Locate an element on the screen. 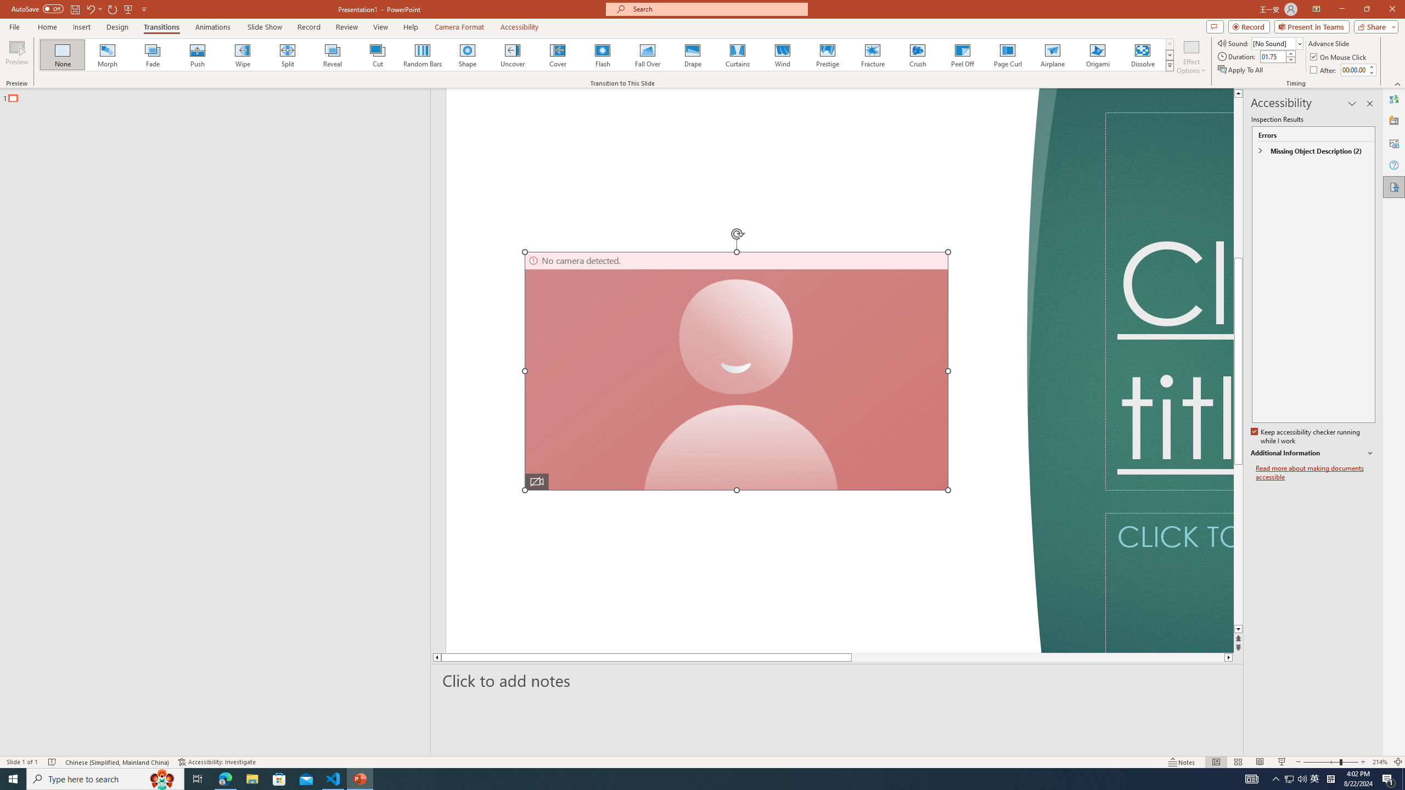 The image size is (1405, 790). 'Slide Sorter' is located at coordinates (1237, 762).